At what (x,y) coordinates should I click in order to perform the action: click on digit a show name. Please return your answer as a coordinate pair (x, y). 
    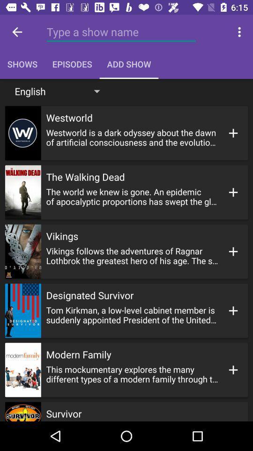
    Looking at the image, I should click on (121, 32).